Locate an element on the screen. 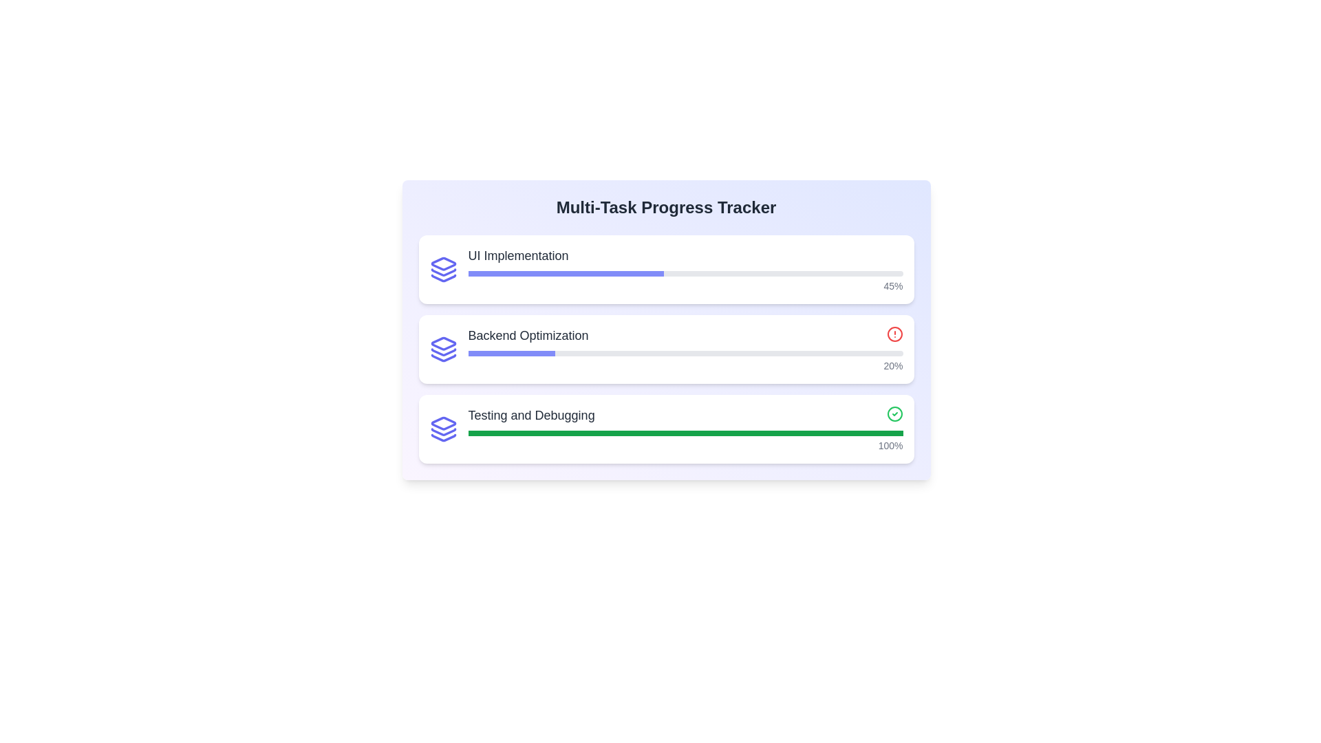  the circular graphical object with a red border and white interior, which is part of the alert icon located next to the 'Backend Optimization' task label in the progress tracker interface is located at coordinates (894, 334).